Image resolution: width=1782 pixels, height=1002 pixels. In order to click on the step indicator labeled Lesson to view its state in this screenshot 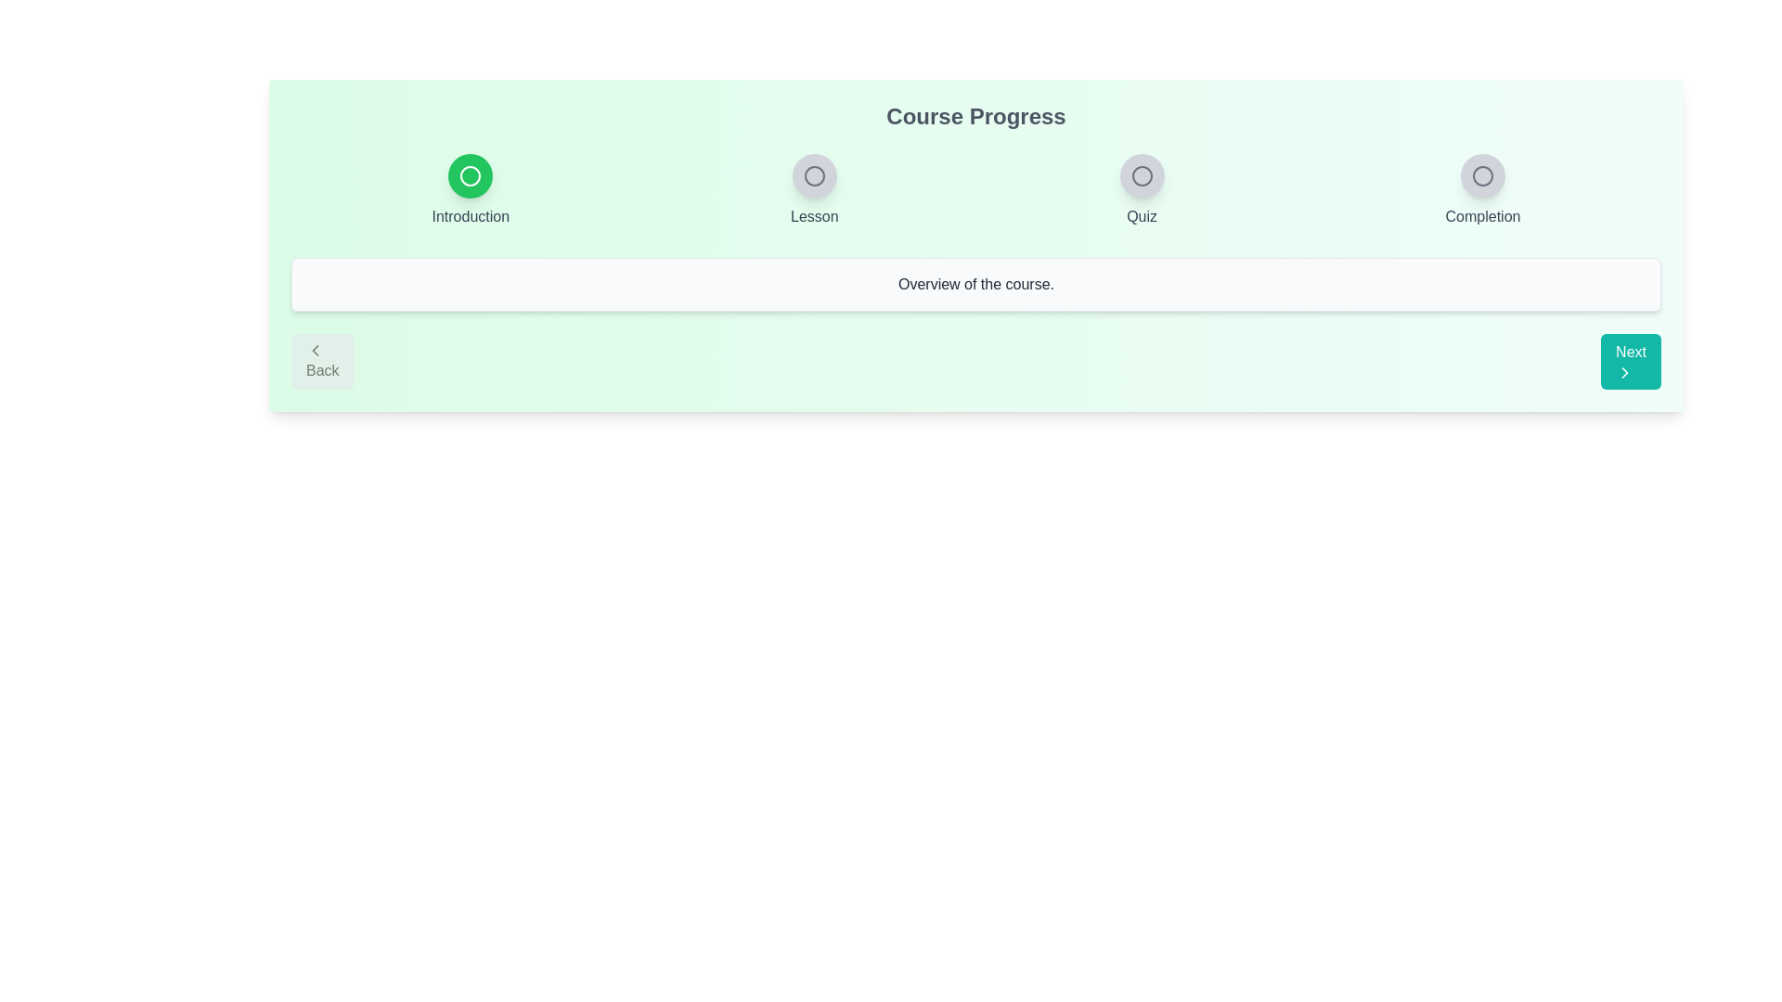, I will do `click(814, 190)`.